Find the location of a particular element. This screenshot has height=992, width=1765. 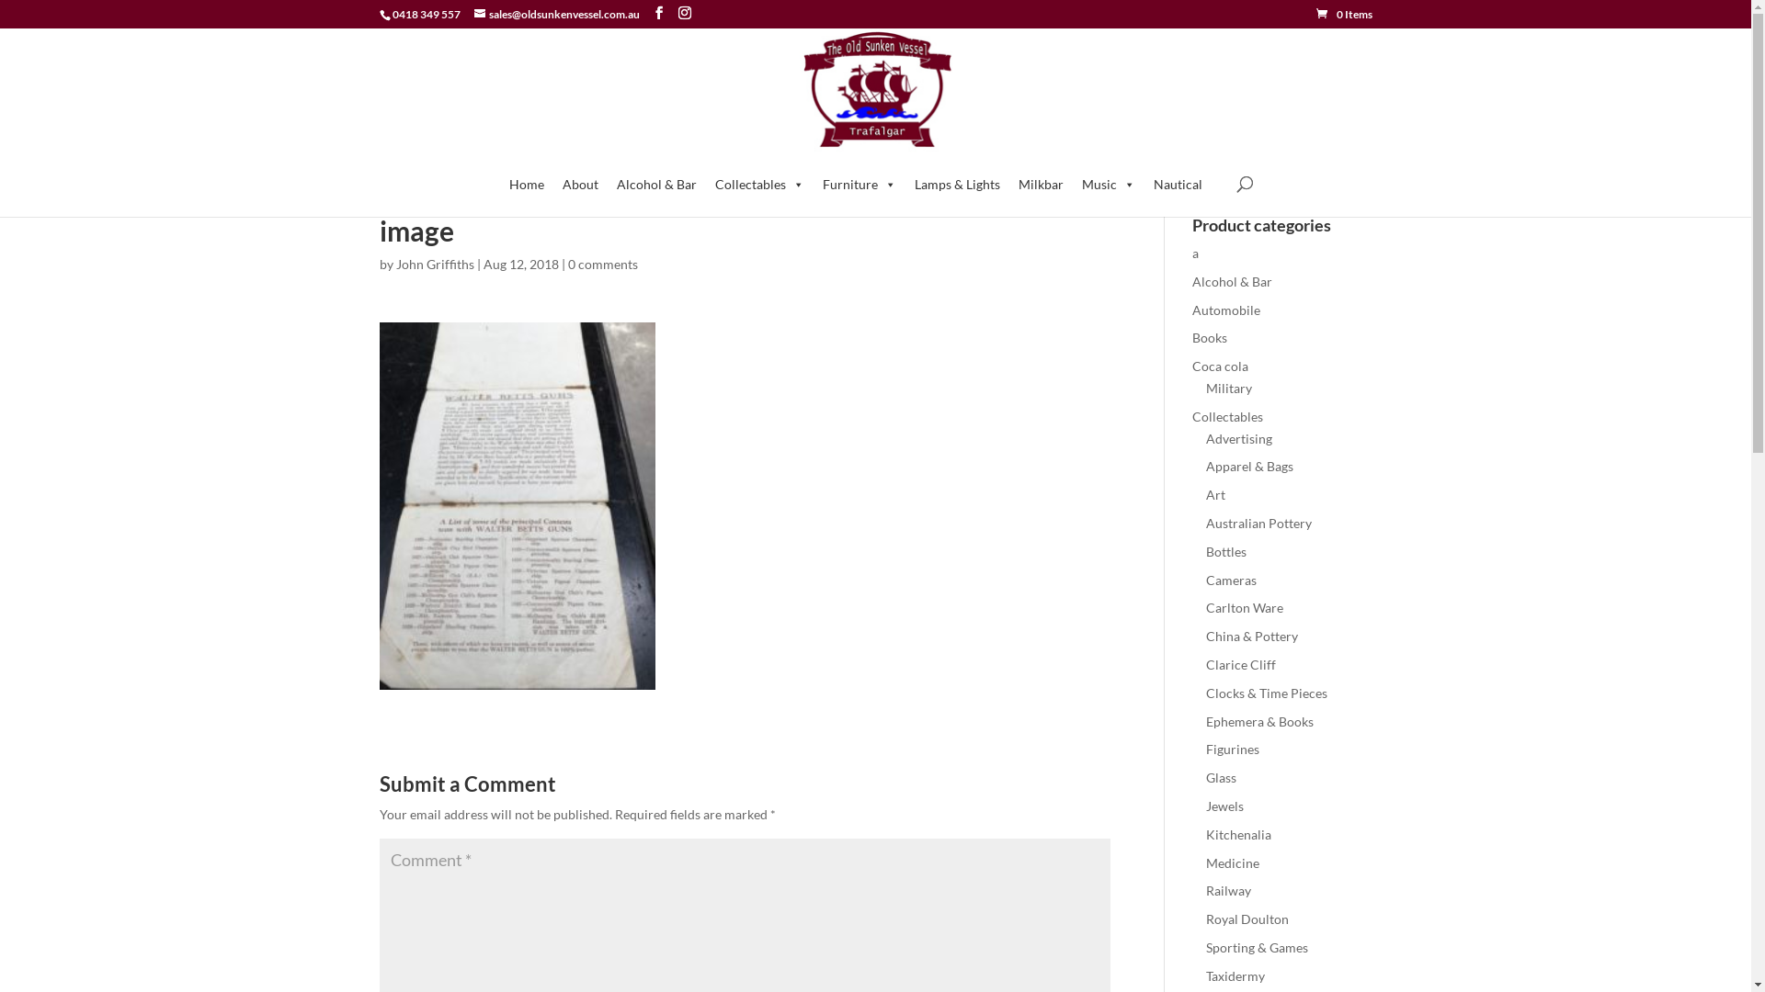

'China & Pottery' is located at coordinates (1251, 635).